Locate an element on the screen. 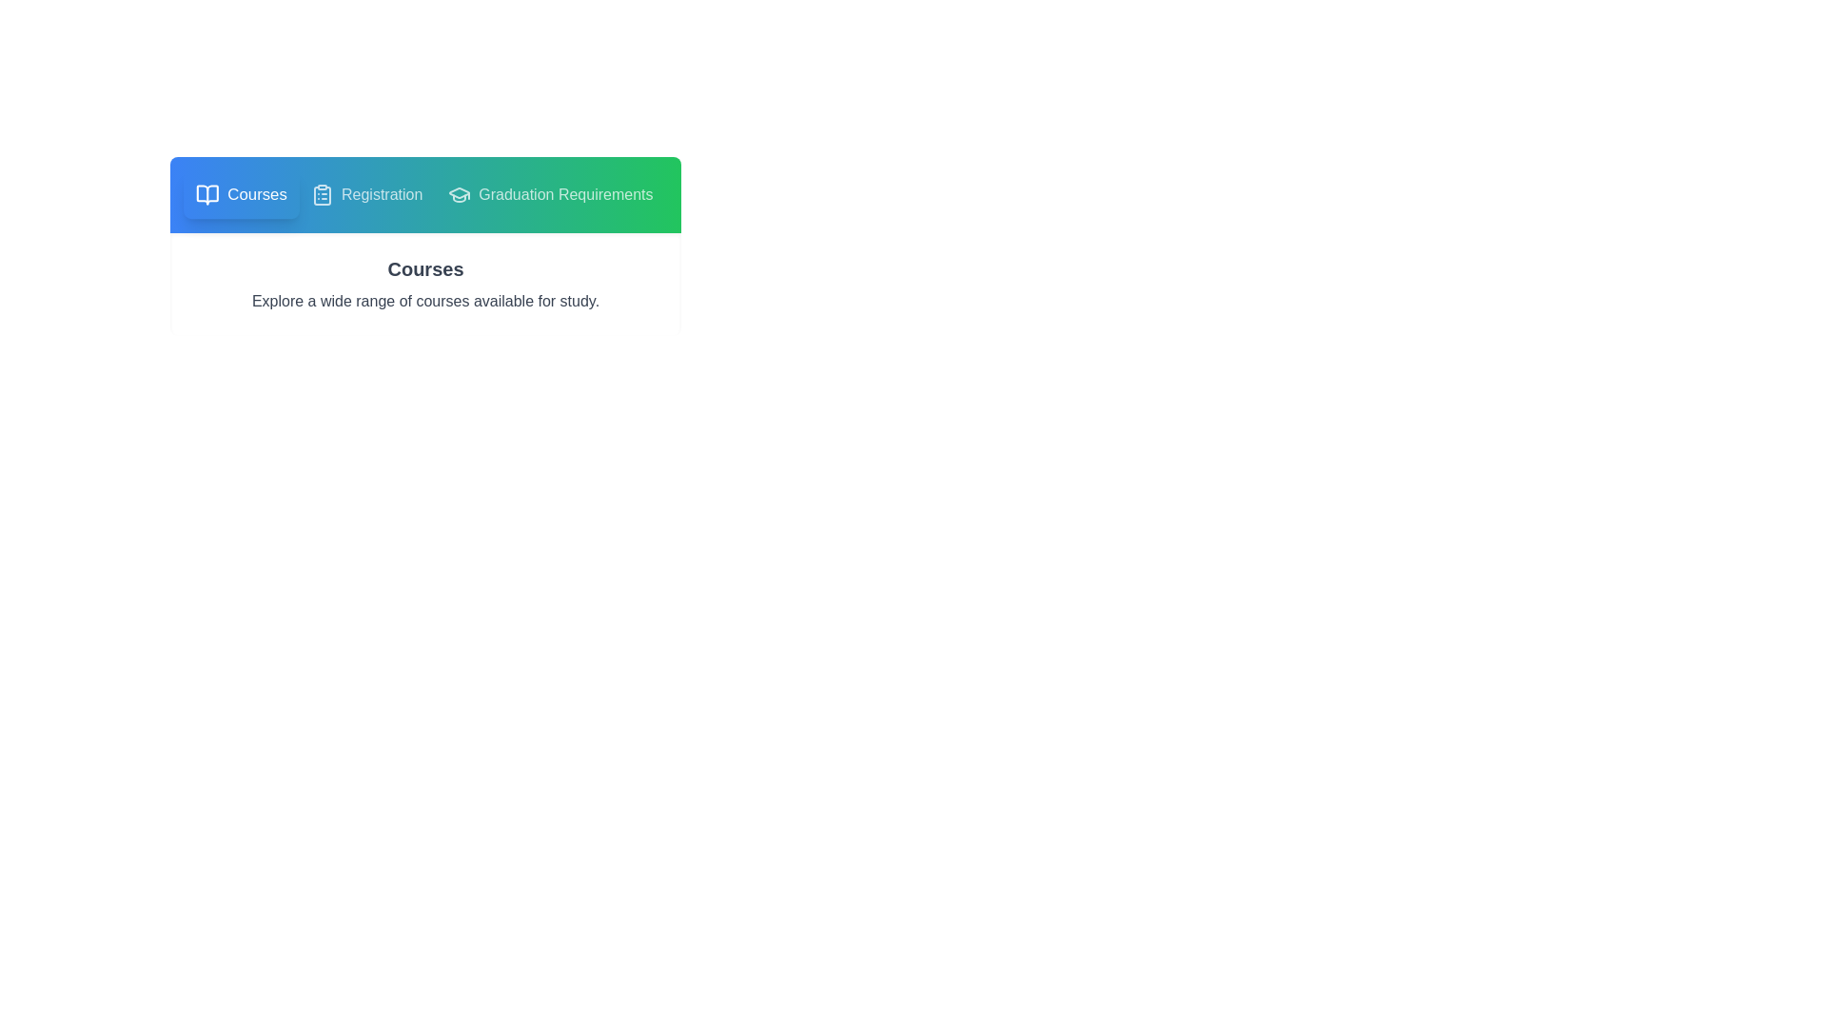 The width and height of the screenshot is (1827, 1028). the tab labeled Courses is located at coordinates (241, 194).